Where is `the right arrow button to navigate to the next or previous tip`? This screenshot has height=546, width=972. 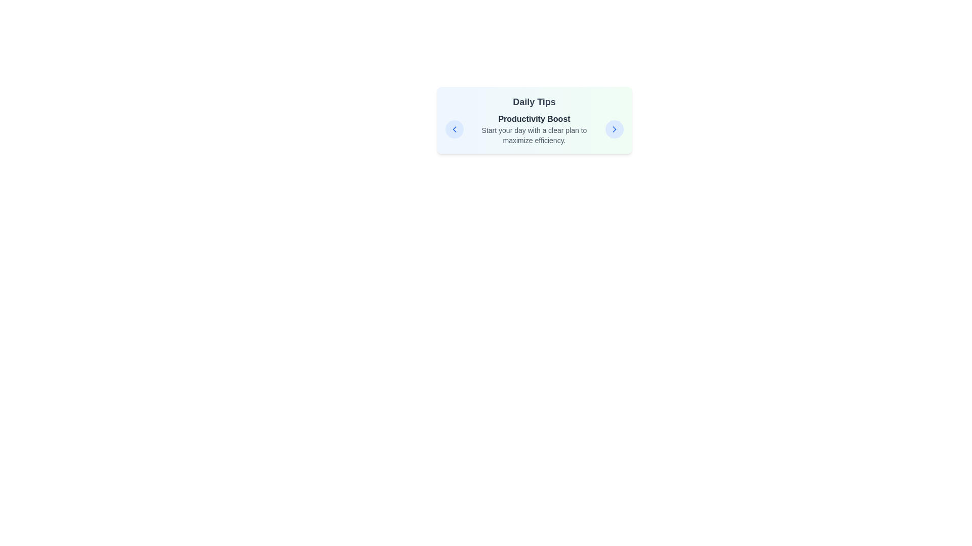
the right arrow button to navigate to the next or previous tip is located at coordinates (614, 128).